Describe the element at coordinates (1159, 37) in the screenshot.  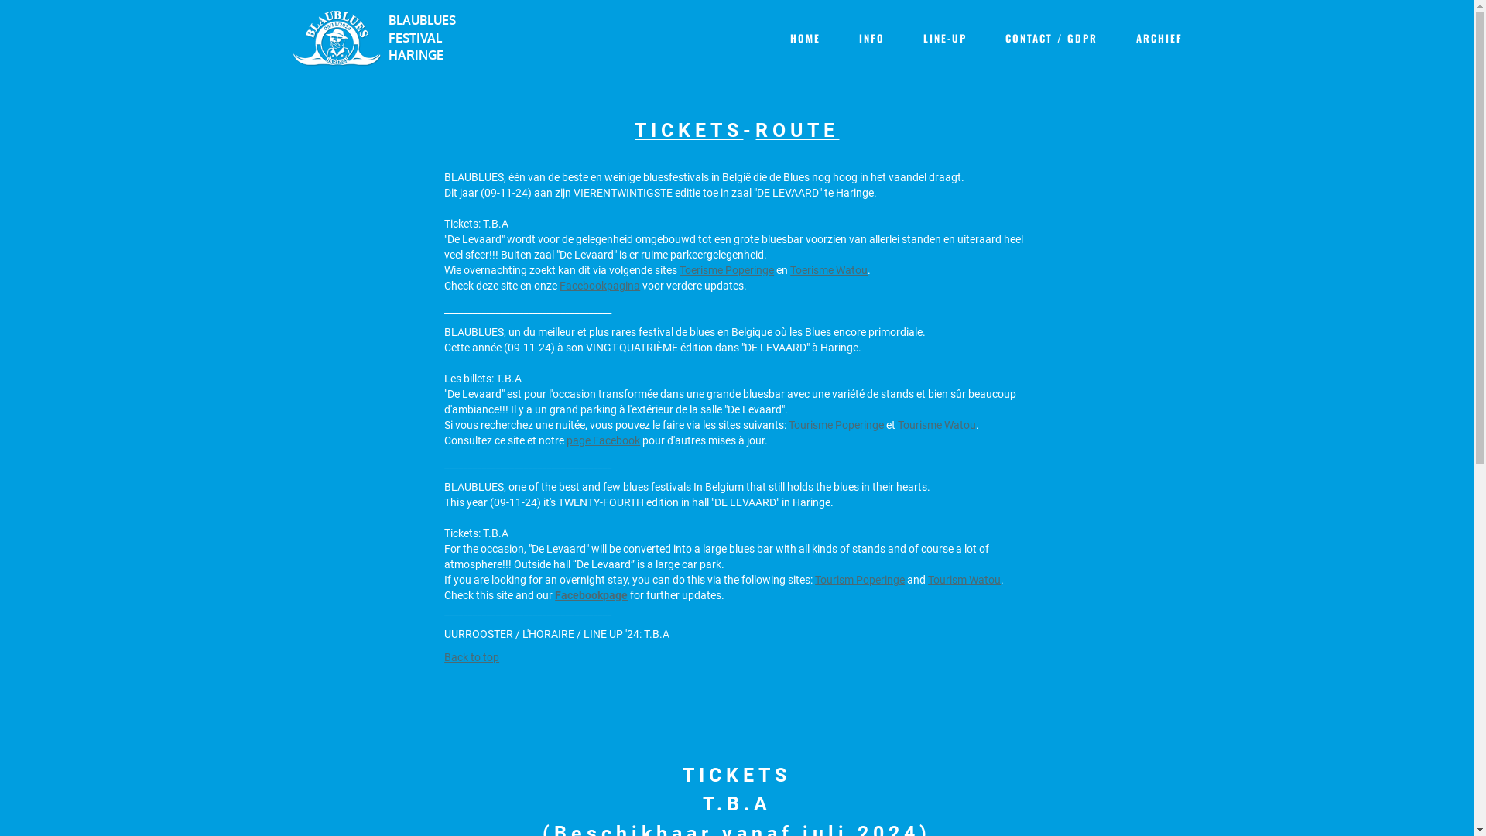
I see `'ARCHIEF'` at that location.